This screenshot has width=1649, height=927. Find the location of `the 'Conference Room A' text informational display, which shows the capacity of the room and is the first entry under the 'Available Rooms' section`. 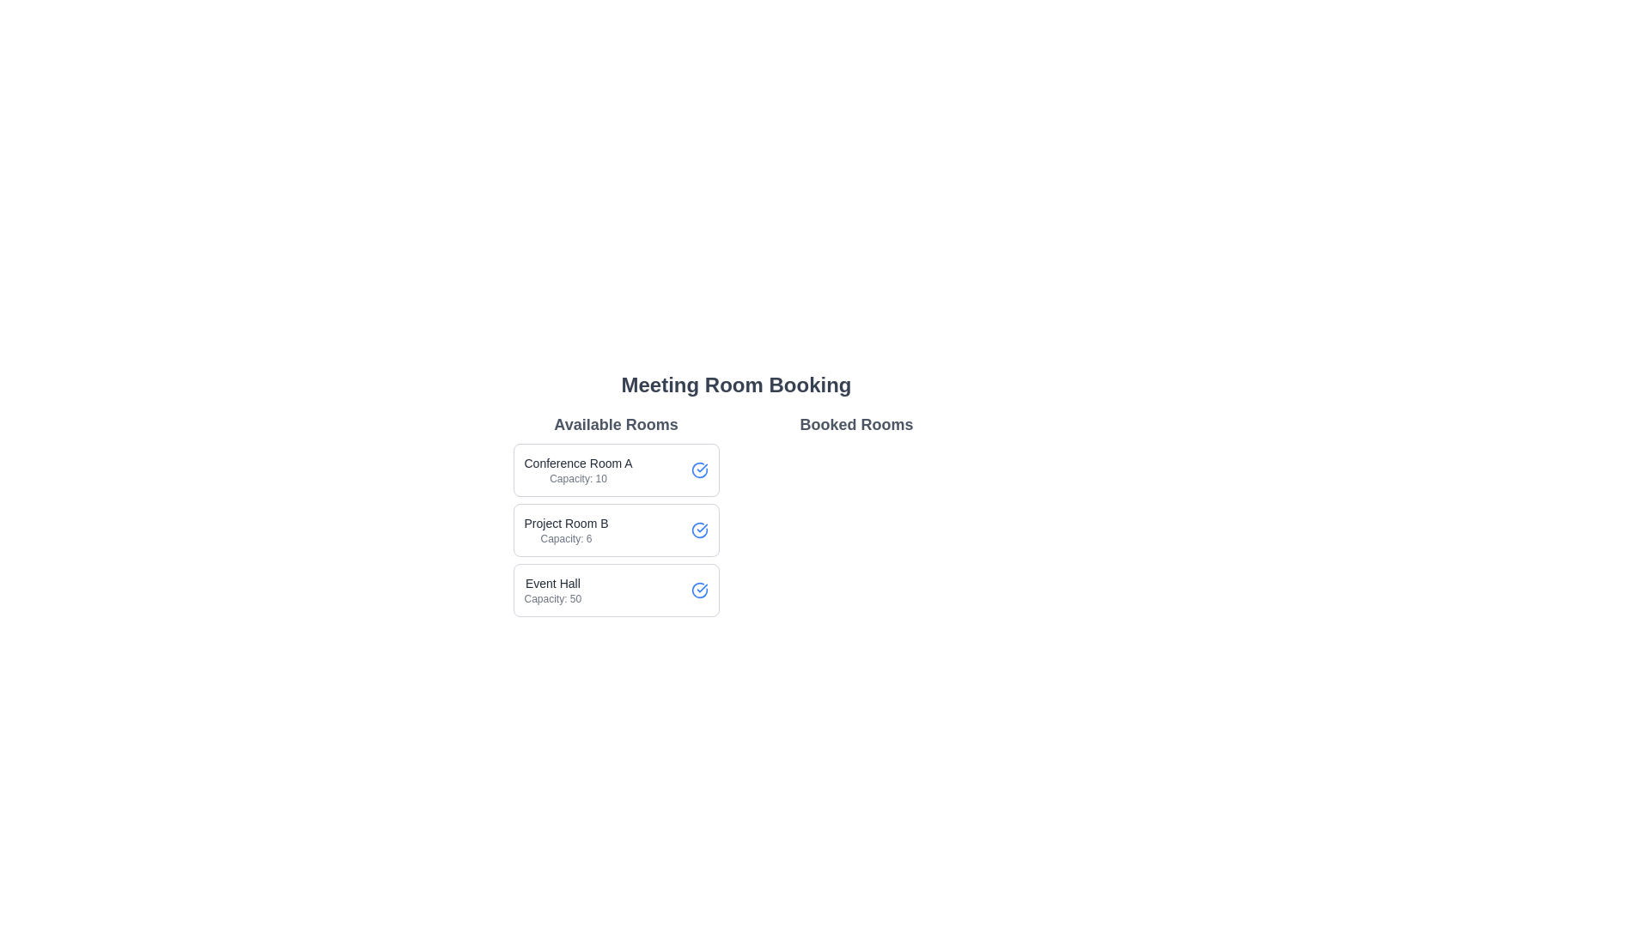

the 'Conference Room A' text informational display, which shows the capacity of the room and is the first entry under the 'Available Rooms' section is located at coordinates (578, 470).